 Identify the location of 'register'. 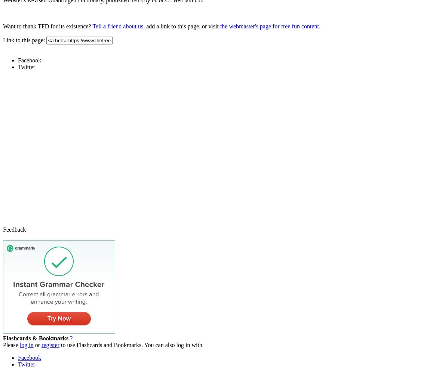
(50, 344).